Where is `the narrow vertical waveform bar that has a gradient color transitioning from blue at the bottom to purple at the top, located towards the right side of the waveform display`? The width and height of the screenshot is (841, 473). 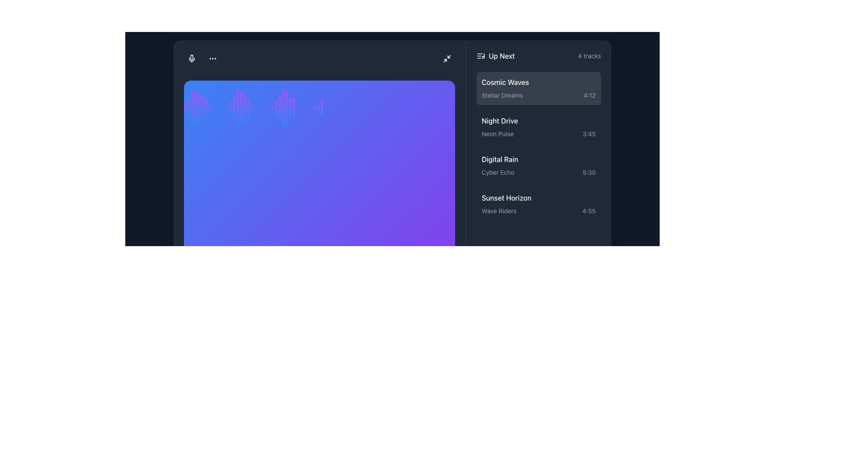
the narrow vertical waveform bar that has a gradient color transitioning from blue at the bottom to purple at the top, located towards the right side of the waveform display is located at coordinates (315, 107).